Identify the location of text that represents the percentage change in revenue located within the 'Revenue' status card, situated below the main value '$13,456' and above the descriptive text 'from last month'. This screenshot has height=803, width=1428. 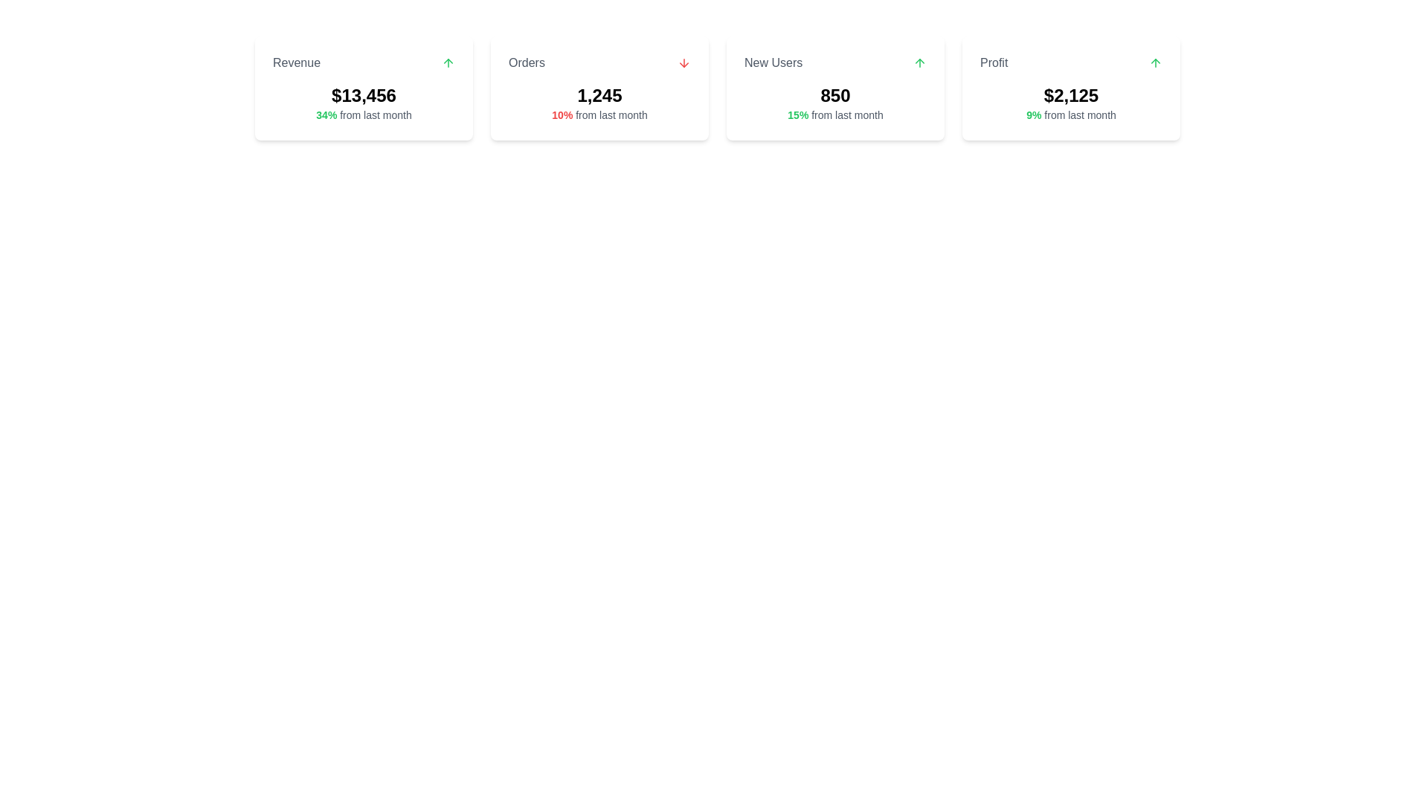
(326, 114).